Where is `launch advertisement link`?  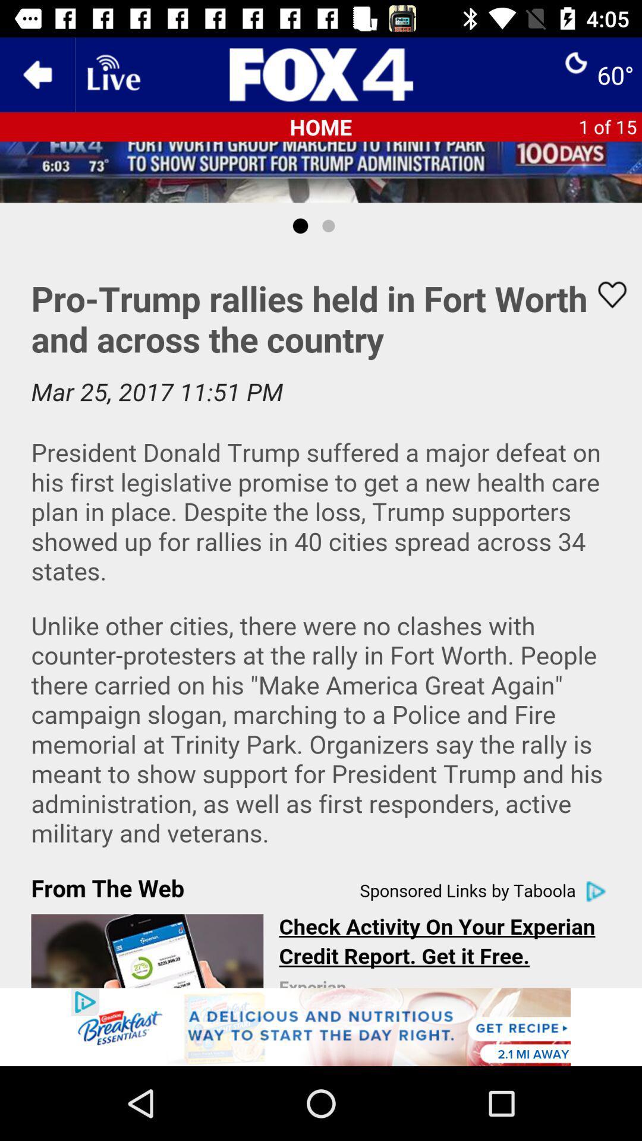
launch advertisement link is located at coordinates (321, 1026).